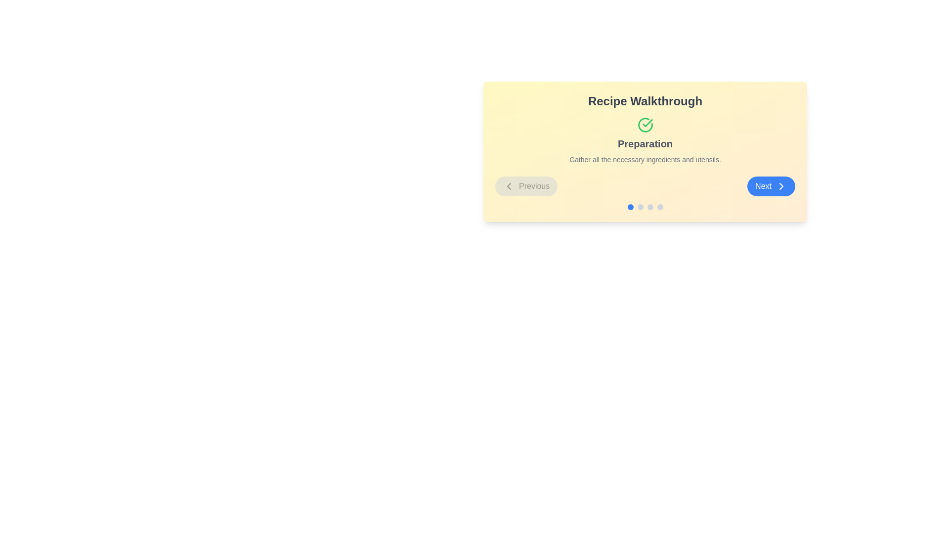 The image size is (949, 534). Describe the element at coordinates (630, 207) in the screenshot. I see `the status of the first blue circular indicator dot located below the 'Preparation' heading` at that location.